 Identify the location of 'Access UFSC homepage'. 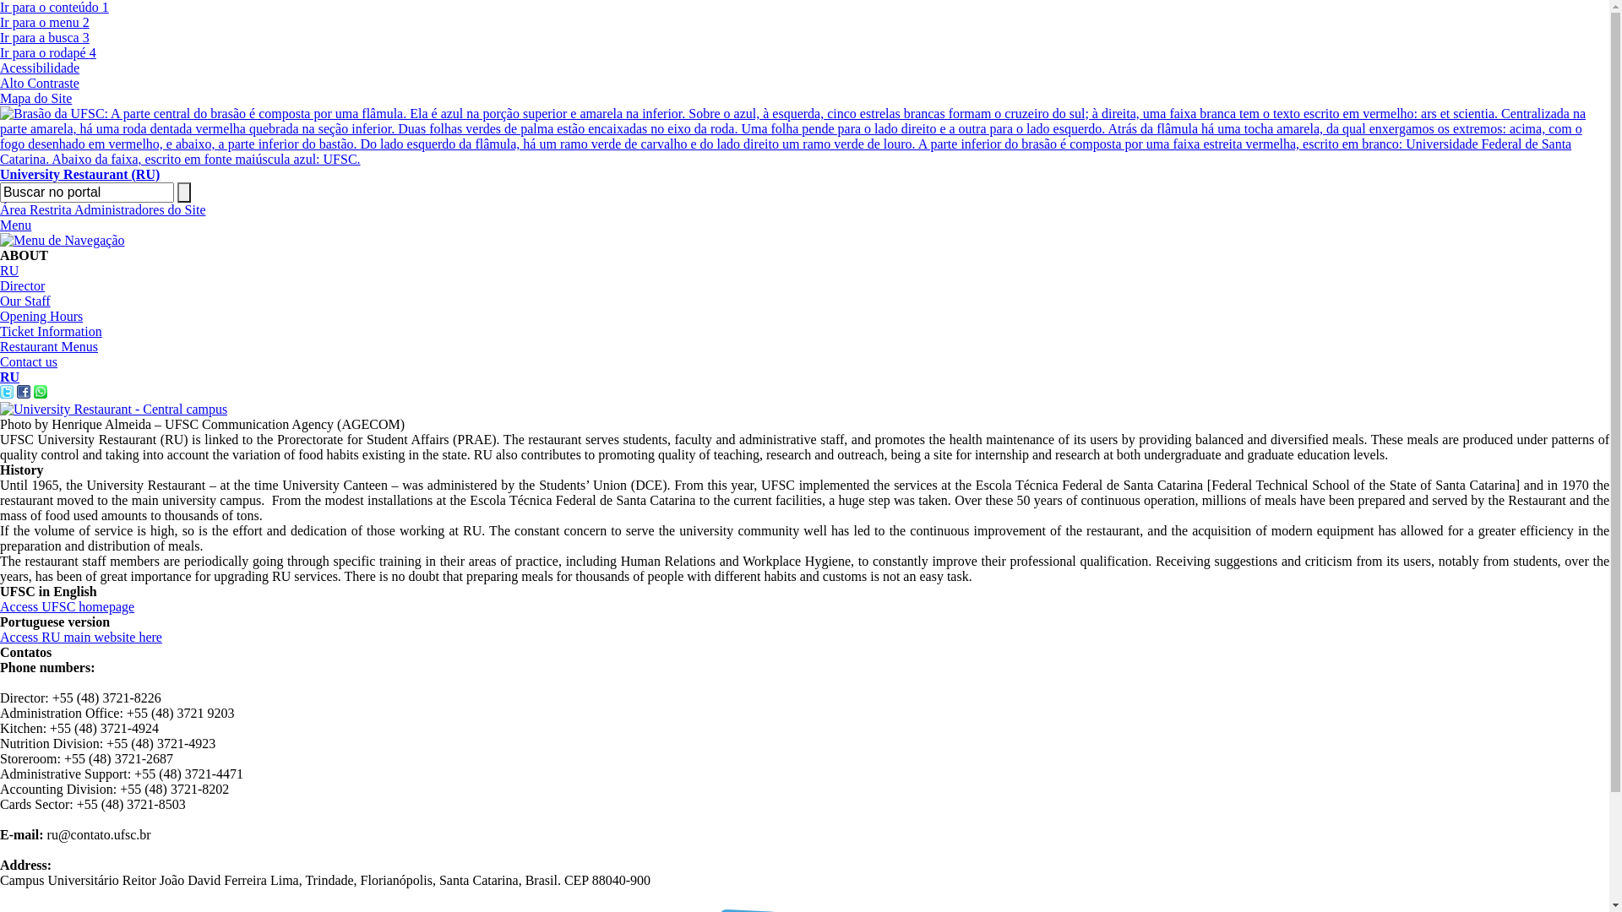
(0, 605).